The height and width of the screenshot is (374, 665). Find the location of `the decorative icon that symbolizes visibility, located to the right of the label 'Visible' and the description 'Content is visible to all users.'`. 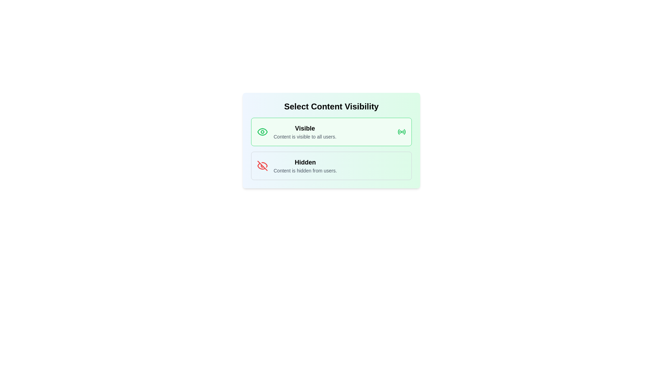

the decorative icon that symbolizes visibility, located to the right of the label 'Visible' and the description 'Content is visible to all users.' is located at coordinates (402, 132).